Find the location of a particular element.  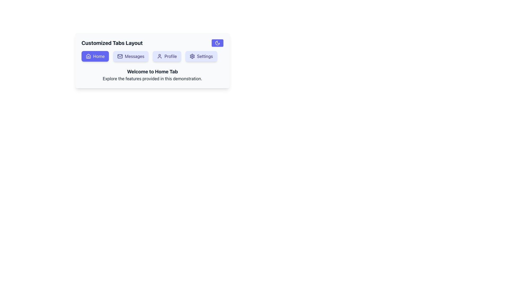

the button at the top-right corner of the 'Customized Tabs Layout' component is located at coordinates (218, 43).